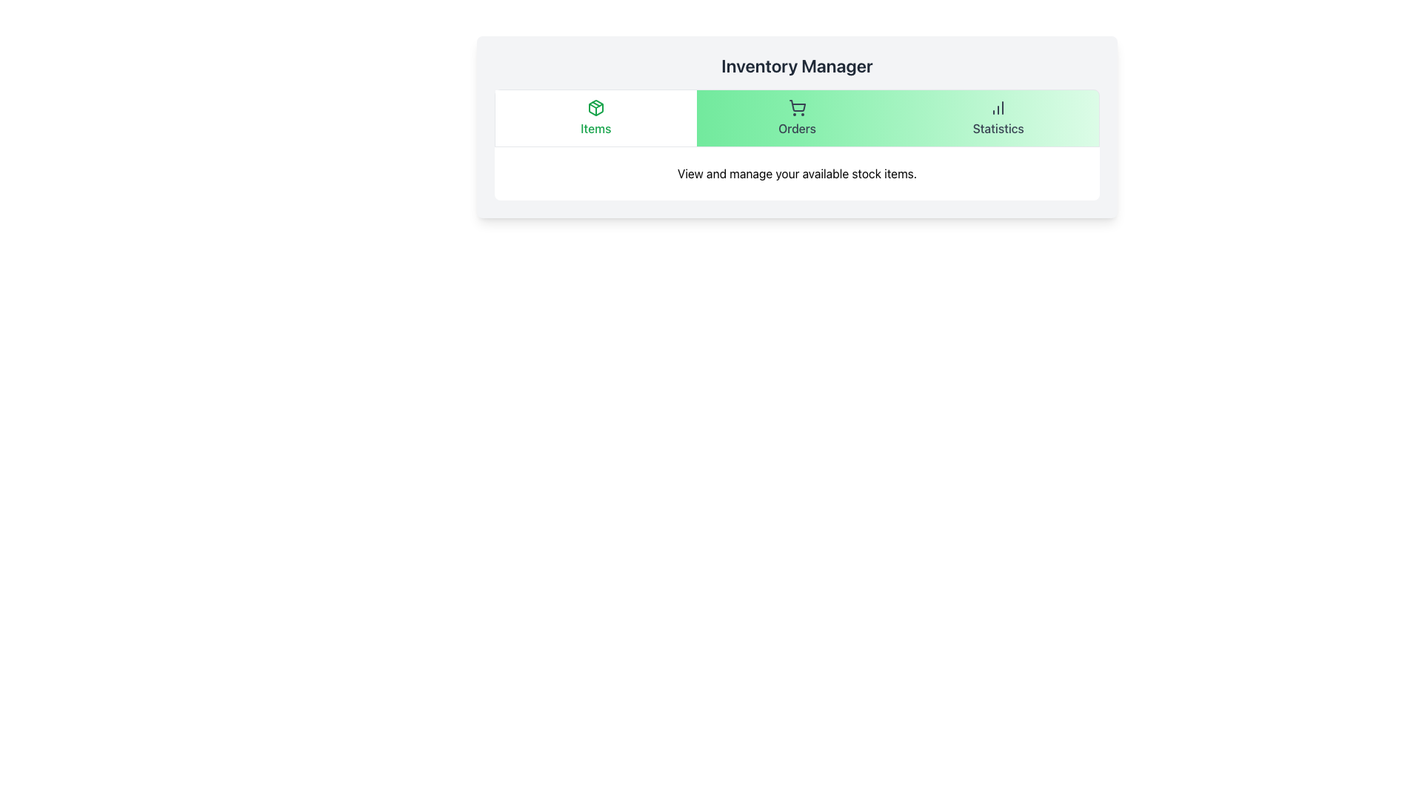 This screenshot has width=1422, height=799. What do you see at coordinates (998, 127) in the screenshot?
I see `the 'Statistics' text label in the header navigation bar` at bounding box center [998, 127].